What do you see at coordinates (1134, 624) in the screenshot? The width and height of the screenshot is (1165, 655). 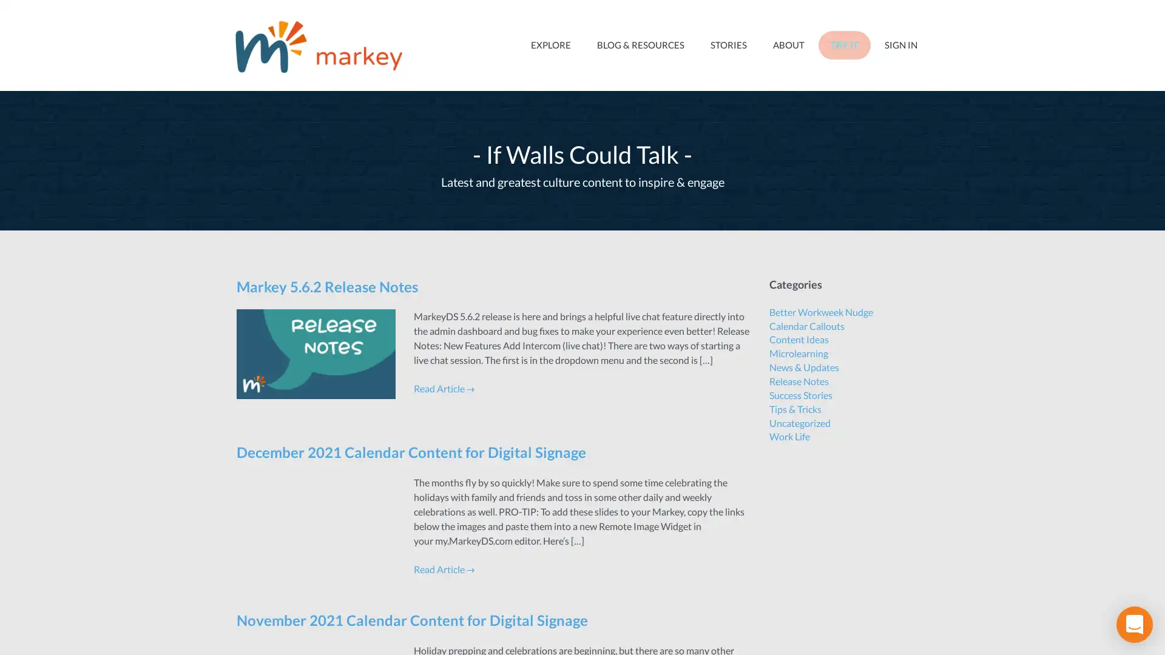 I see `Open Intercom Messenger` at bounding box center [1134, 624].